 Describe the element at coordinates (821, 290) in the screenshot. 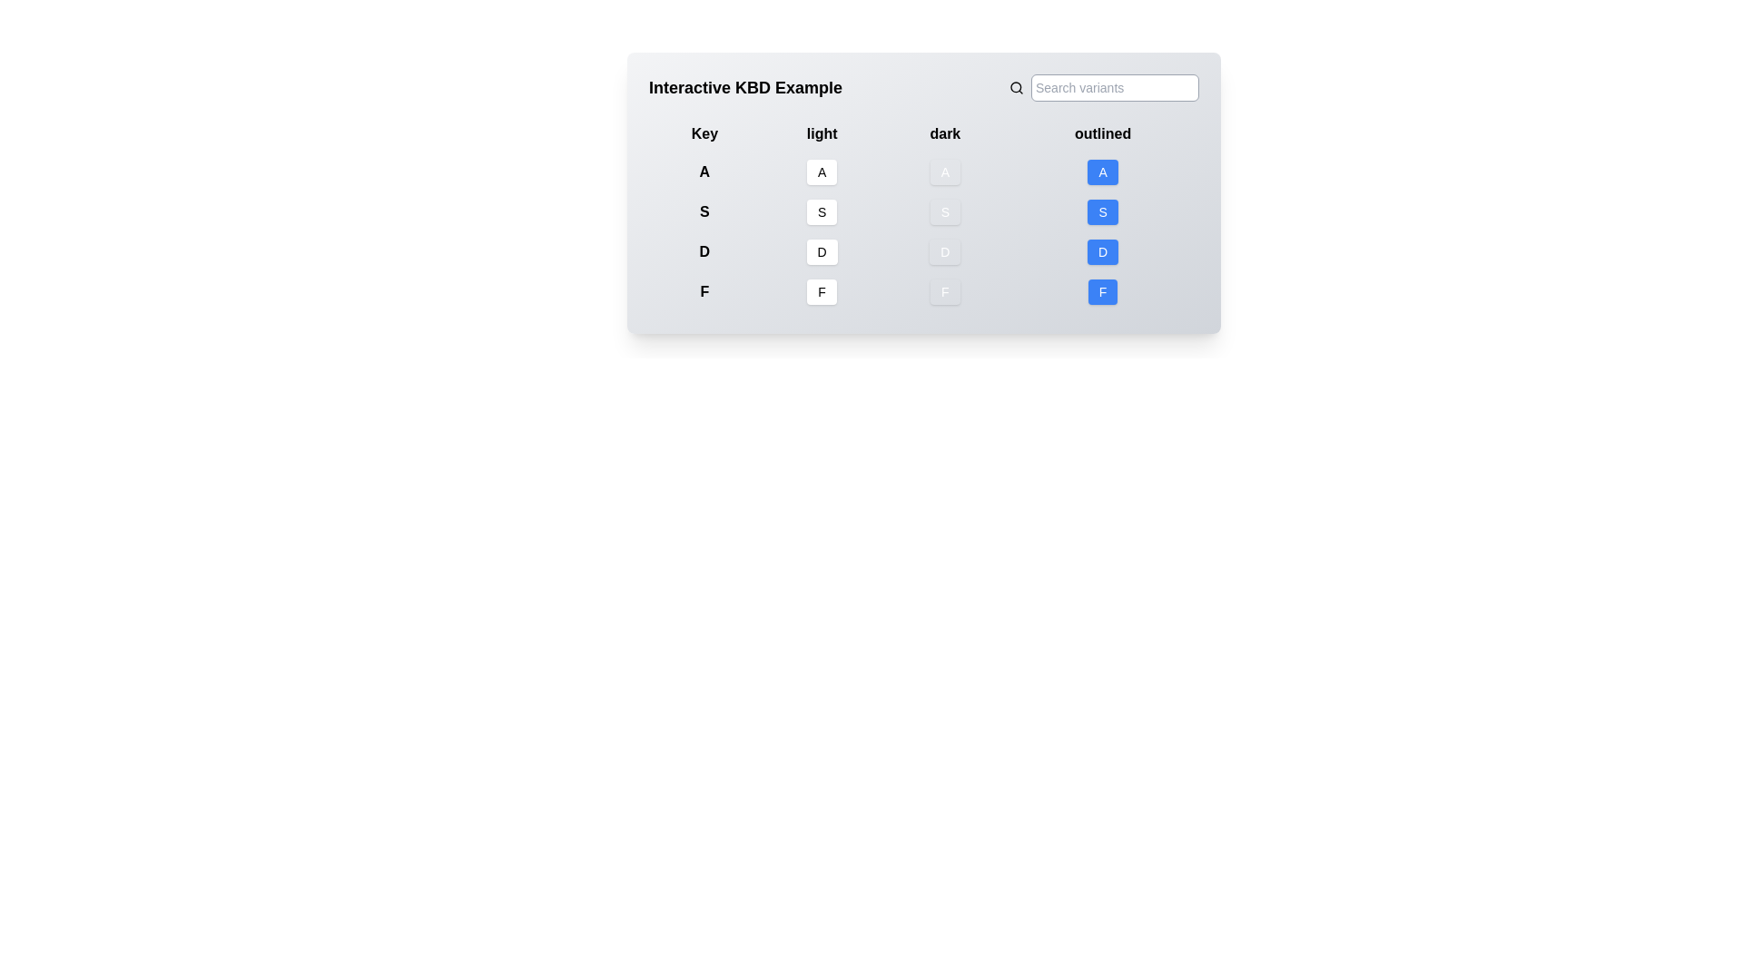

I see `the non-interactive 'F' key visual aid button located in the 'light' column, which is the fourth button in that column` at that location.